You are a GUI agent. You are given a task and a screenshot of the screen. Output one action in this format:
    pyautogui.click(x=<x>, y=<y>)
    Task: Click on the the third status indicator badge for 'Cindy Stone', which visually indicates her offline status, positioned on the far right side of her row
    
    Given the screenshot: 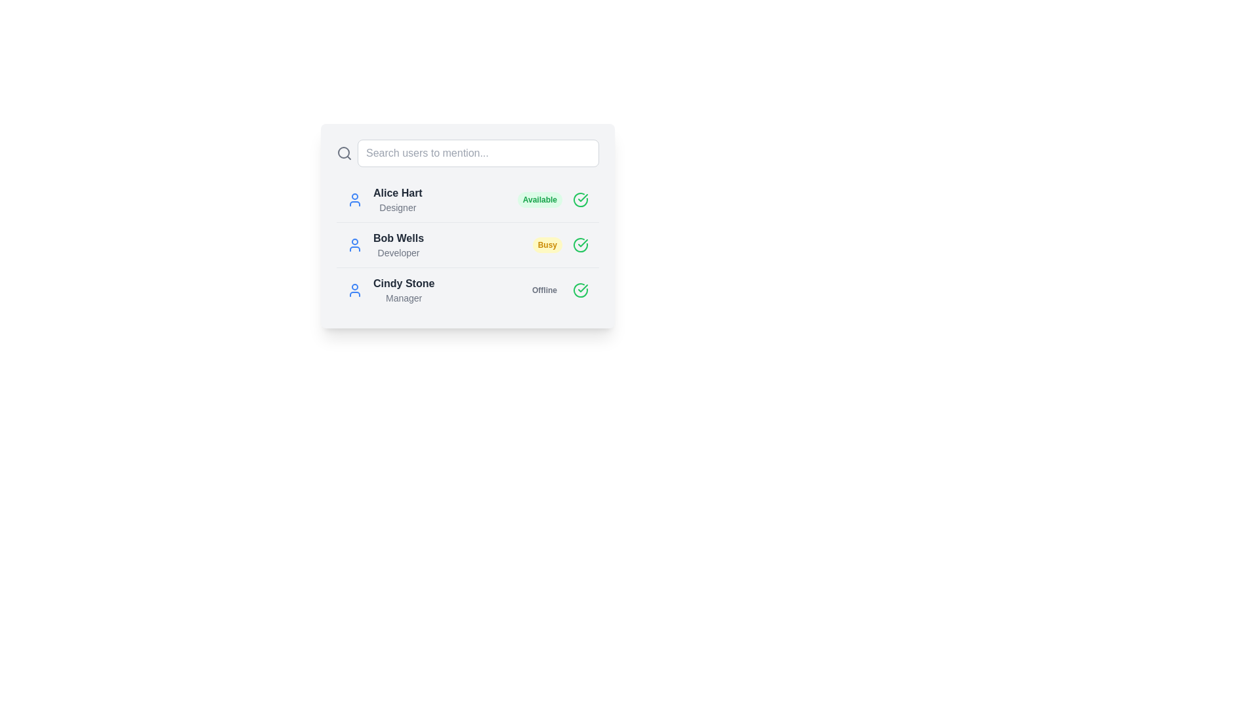 What is the action you would take?
    pyautogui.click(x=545, y=290)
    